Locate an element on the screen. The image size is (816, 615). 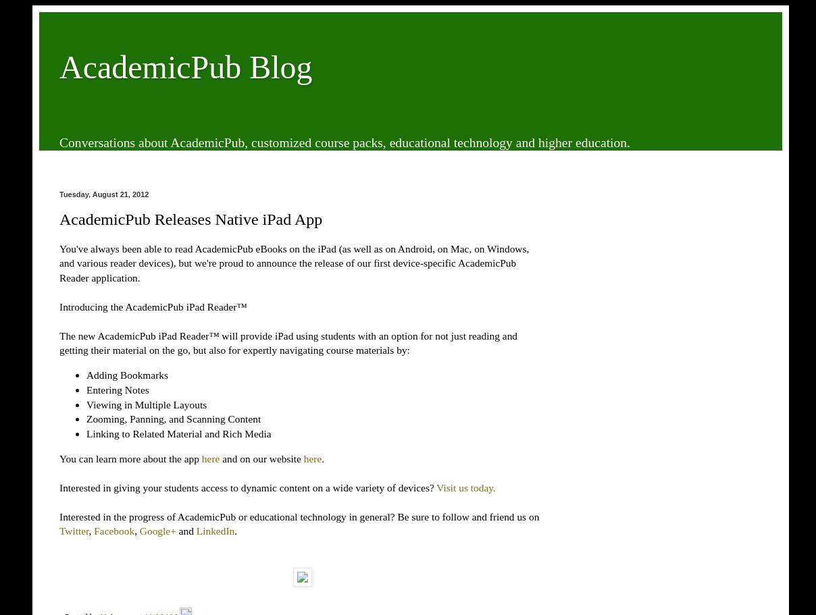
'Facebook' is located at coordinates (113, 531).